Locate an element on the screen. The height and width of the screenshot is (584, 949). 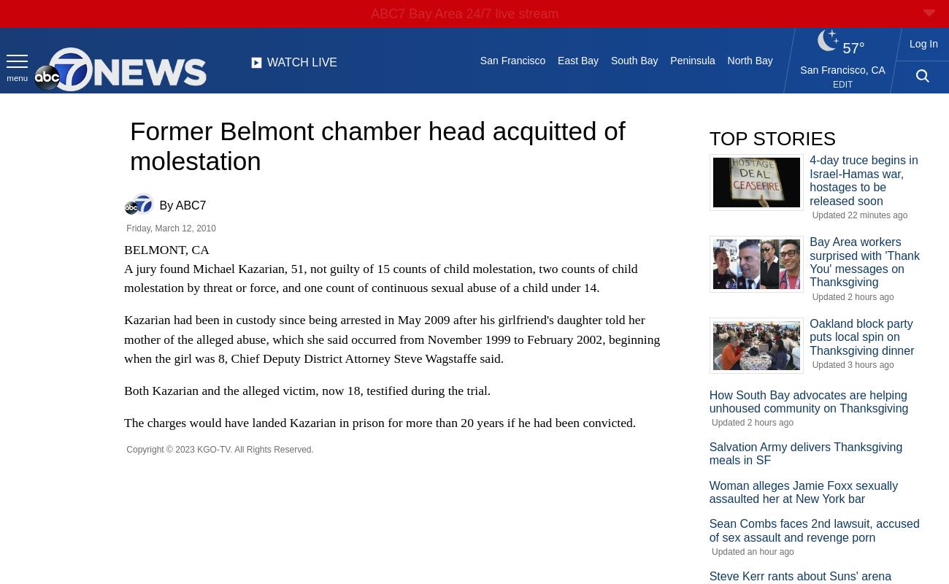
'San Francisco' is located at coordinates (512, 61).